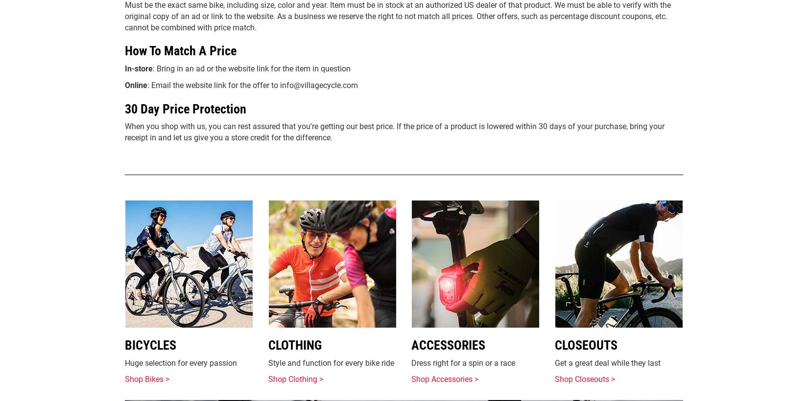 The height and width of the screenshot is (401, 808). What do you see at coordinates (606, 362) in the screenshot?
I see `'Get a great deal while they last'` at bounding box center [606, 362].